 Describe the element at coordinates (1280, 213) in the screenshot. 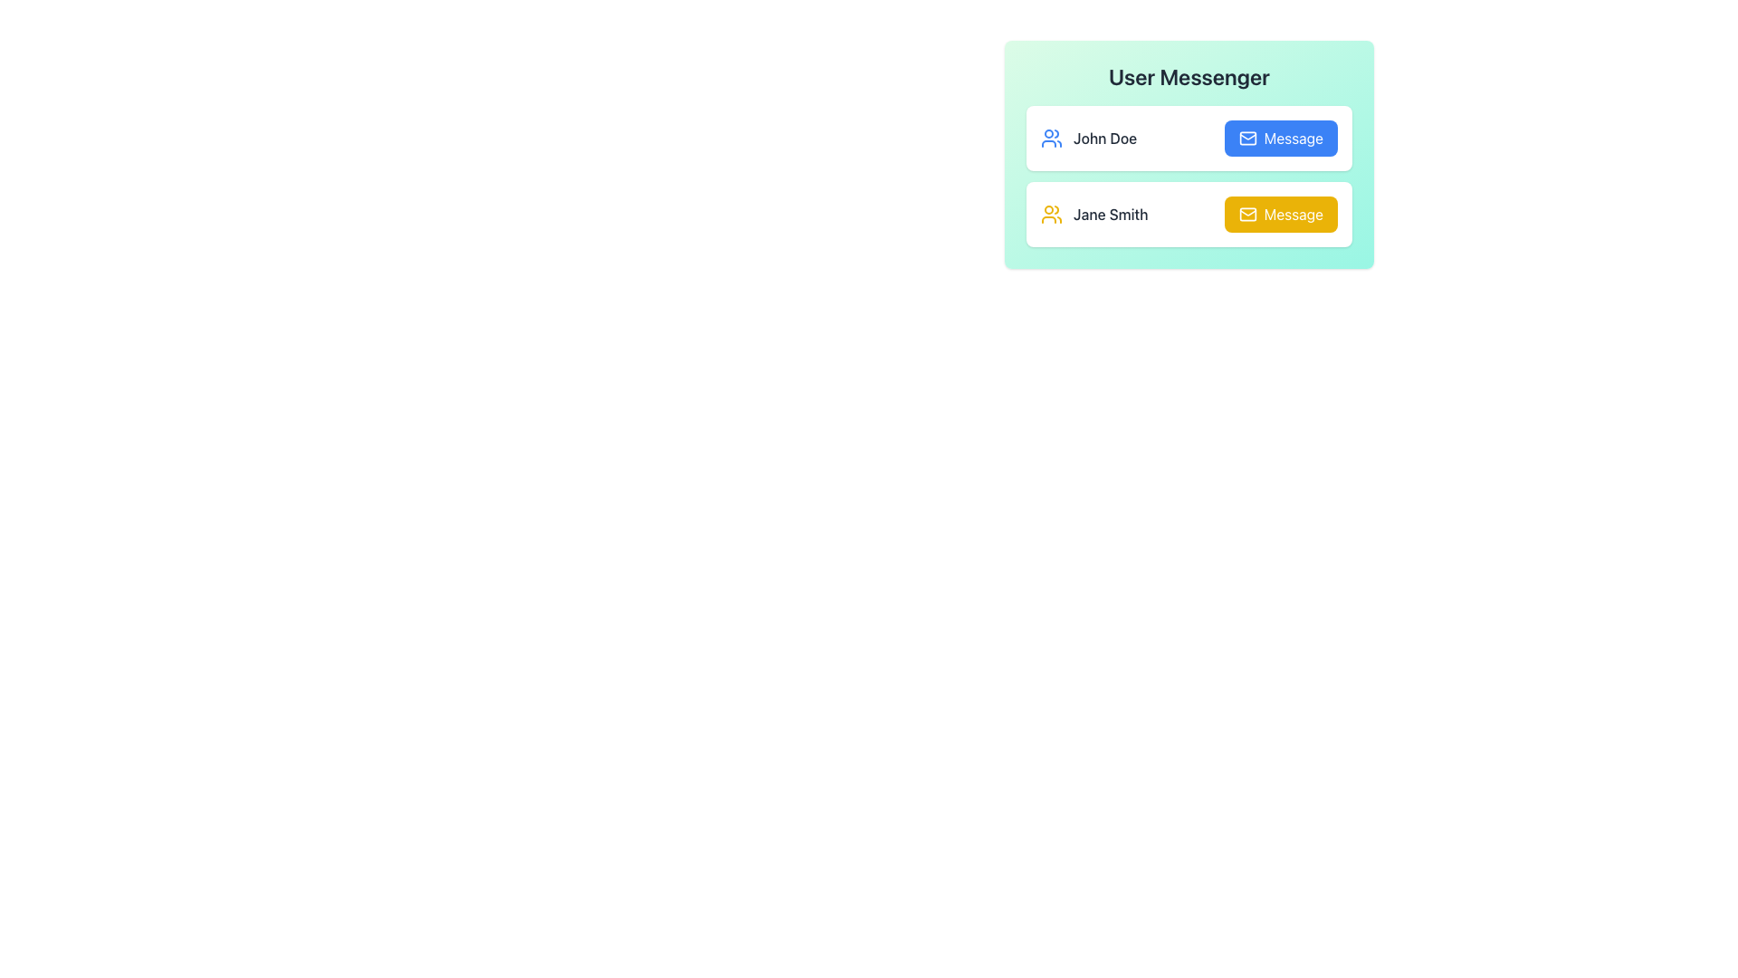

I see `the 'Message' button with a yellow background and an envelope icon, located in the second row of the user card section for 'Jane Smith'` at that location.